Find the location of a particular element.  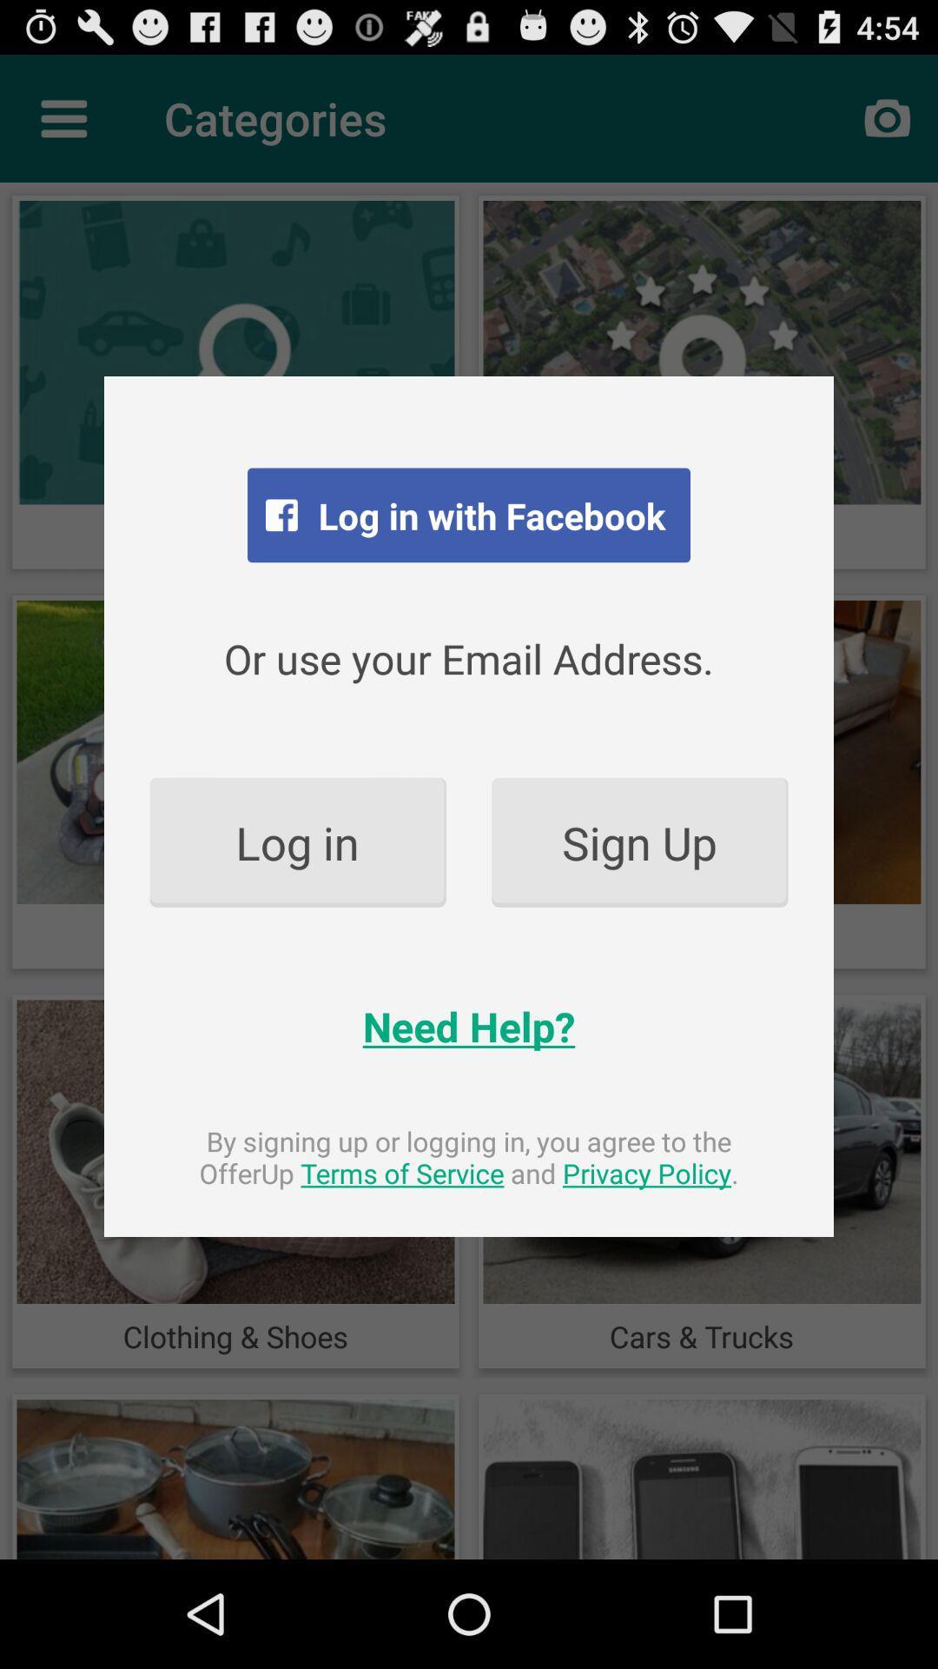

the by signing up icon is located at coordinates (469, 1157).